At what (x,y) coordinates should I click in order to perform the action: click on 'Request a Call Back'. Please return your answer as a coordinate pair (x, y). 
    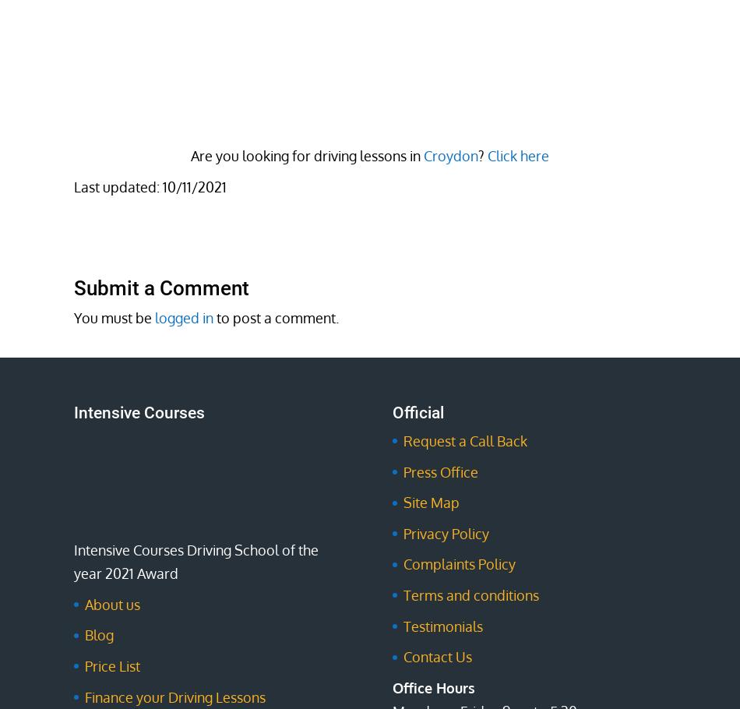
    Looking at the image, I should click on (402, 441).